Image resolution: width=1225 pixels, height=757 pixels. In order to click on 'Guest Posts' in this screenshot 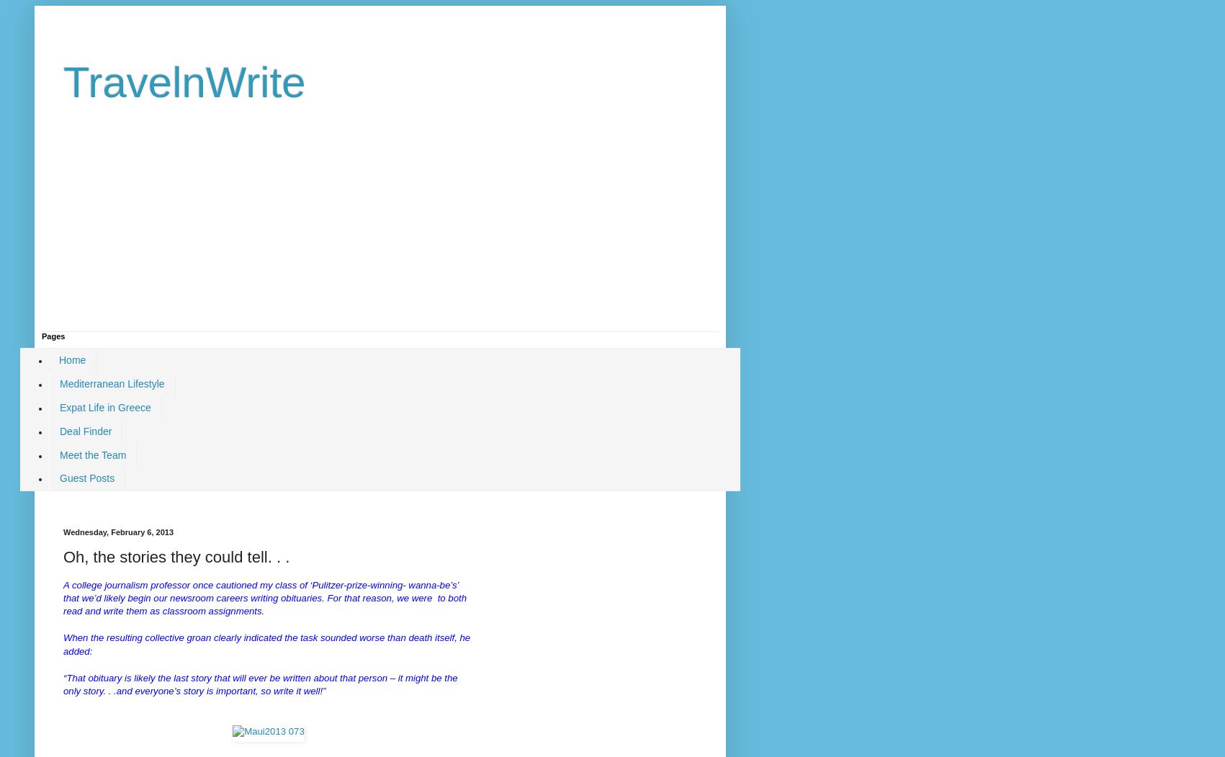, I will do `click(86, 478)`.